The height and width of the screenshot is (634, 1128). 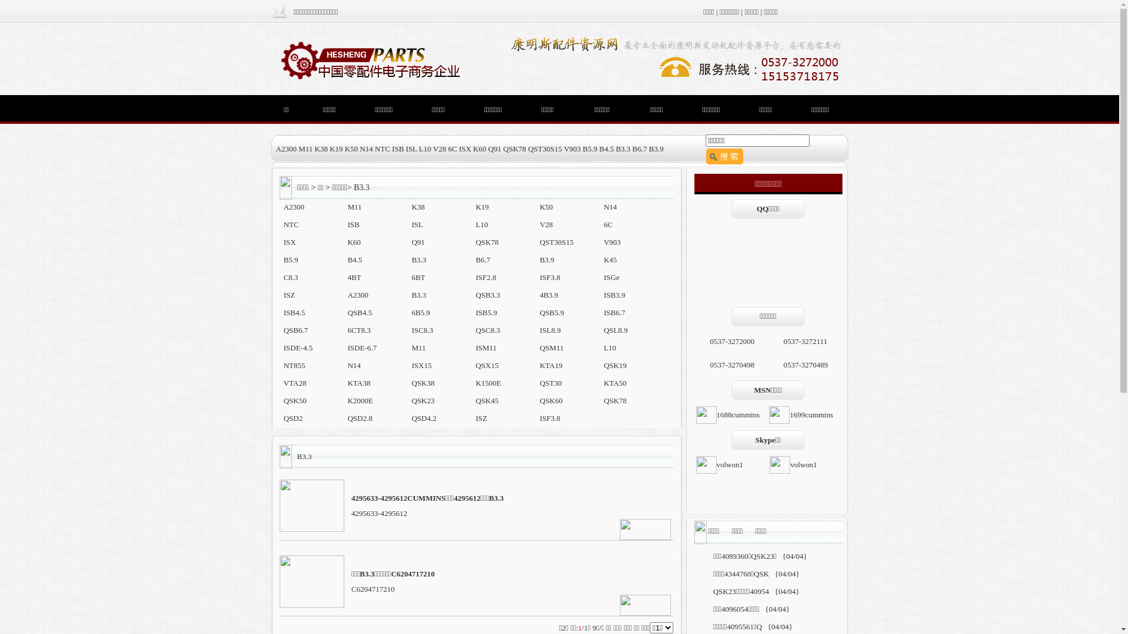 I want to click on 'QSK78', so click(x=615, y=400).